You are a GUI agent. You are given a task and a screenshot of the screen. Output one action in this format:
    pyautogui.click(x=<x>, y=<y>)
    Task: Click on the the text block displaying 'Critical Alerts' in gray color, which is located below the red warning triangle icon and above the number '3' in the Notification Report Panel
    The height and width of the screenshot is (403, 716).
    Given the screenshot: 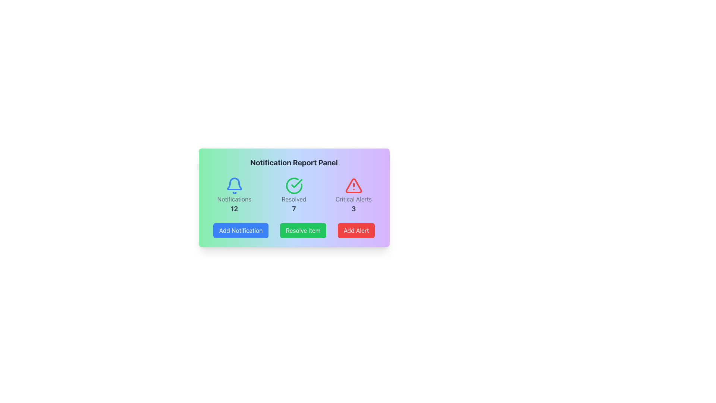 What is the action you would take?
    pyautogui.click(x=353, y=199)
    